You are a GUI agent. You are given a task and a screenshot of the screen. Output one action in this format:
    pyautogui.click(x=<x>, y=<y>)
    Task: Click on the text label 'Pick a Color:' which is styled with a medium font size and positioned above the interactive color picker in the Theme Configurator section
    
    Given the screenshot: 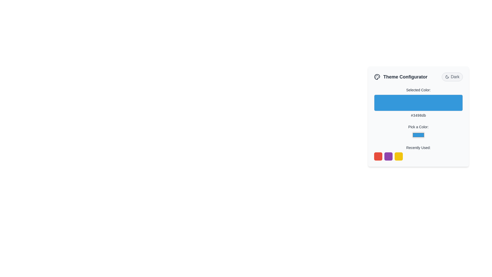 What is the action you would take?
    pyautogui.click(x=418, y=131)
    